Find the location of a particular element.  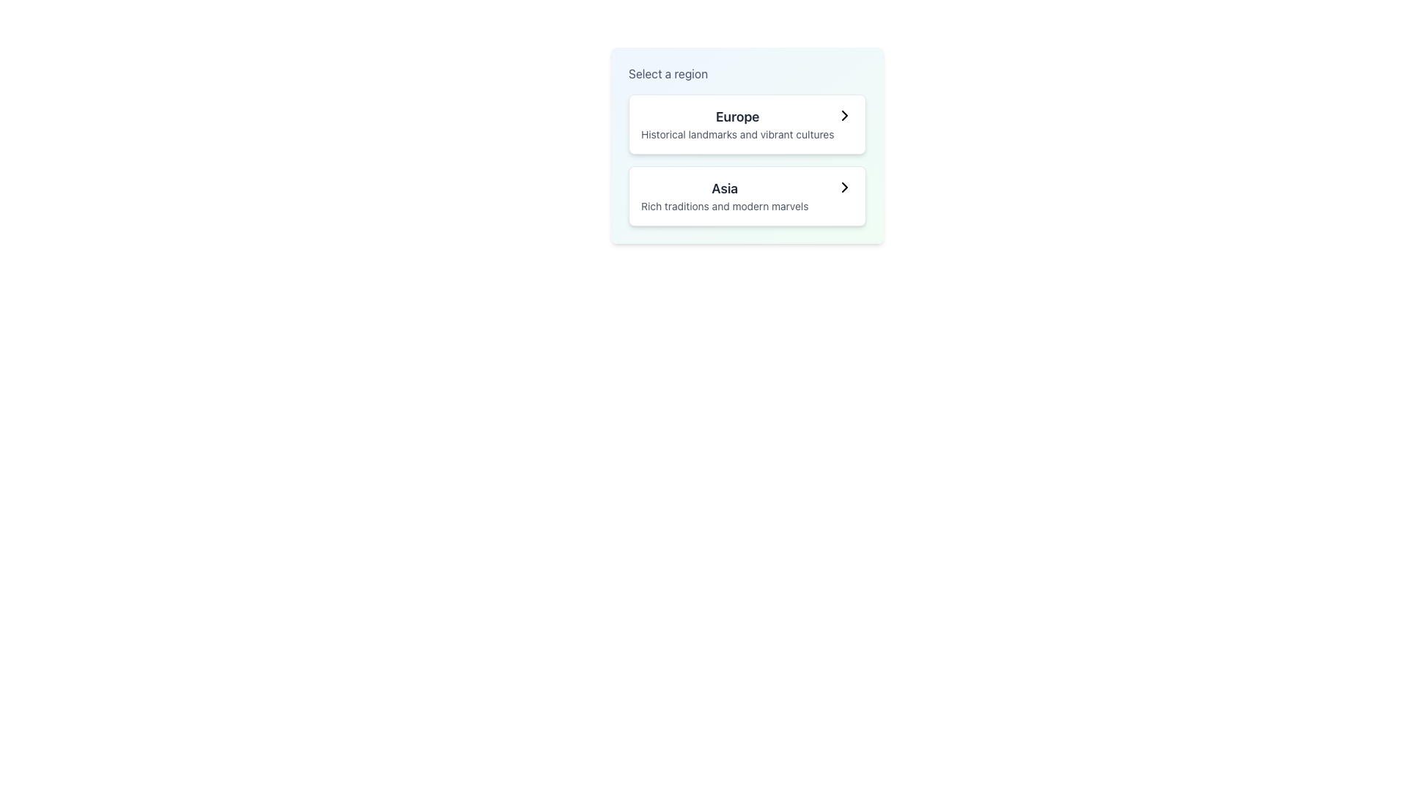

the upper entry text option in the region selection interface is located at coordinates (737, 123).